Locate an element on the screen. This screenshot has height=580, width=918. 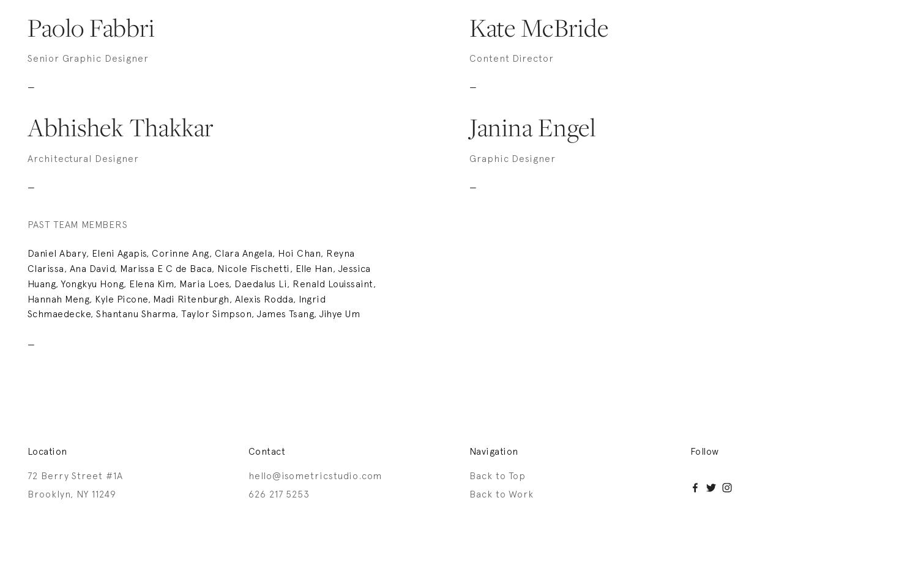
'Back to Work' is located at coordinates (501, 493).